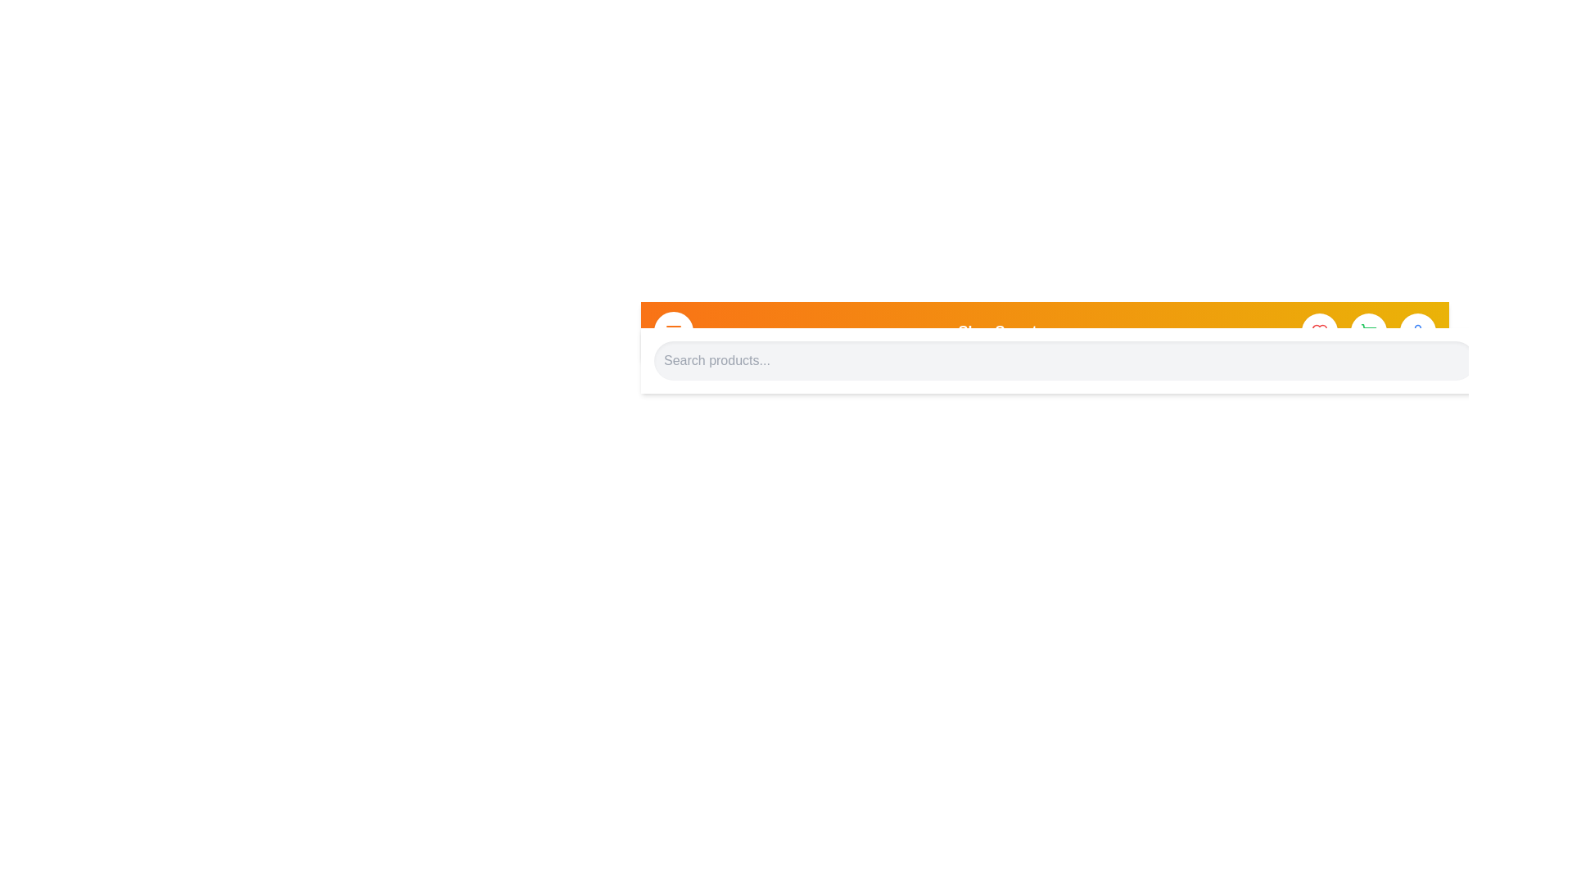  Describe the element at coordinates (1320, 331) in the screenshot. I see `the heart icon in the app bar` at that location.